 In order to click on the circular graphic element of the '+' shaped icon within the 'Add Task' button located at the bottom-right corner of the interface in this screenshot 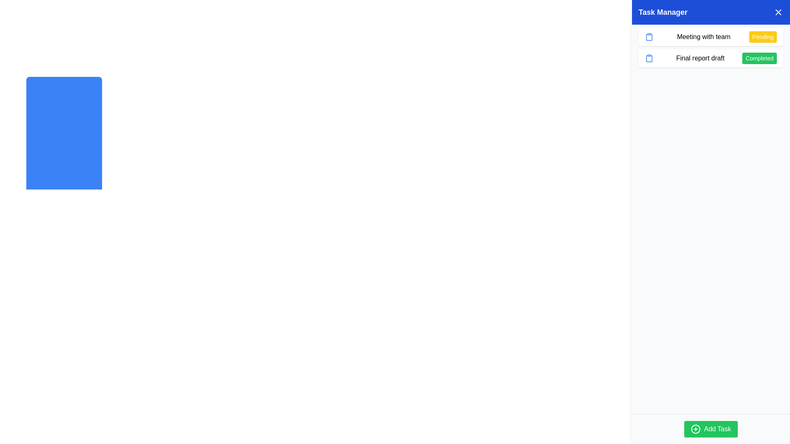, I will do `click(695, 429)`.